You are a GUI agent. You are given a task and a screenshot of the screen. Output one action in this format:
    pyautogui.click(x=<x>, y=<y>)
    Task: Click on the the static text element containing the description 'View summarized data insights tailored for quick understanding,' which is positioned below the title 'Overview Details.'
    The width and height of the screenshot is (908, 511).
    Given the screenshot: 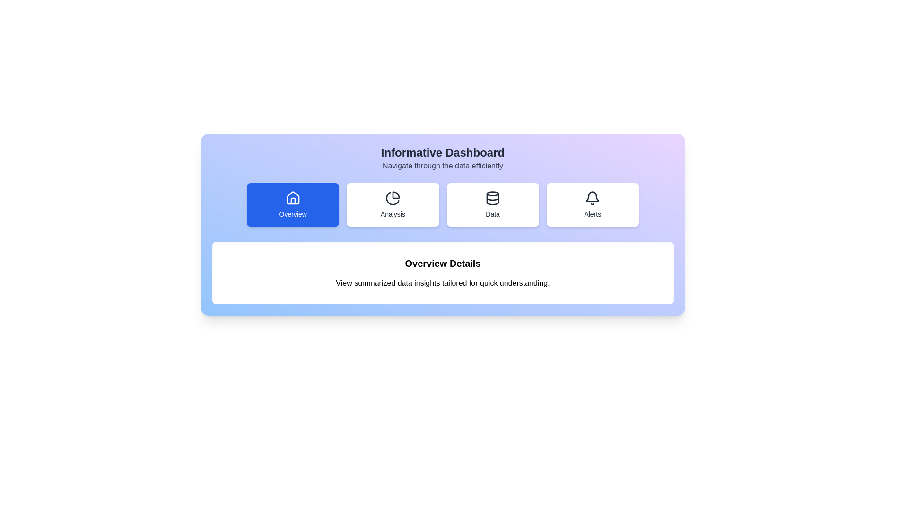 What is the action you would take?
    pyautogui.click(x=442, y=282)
    